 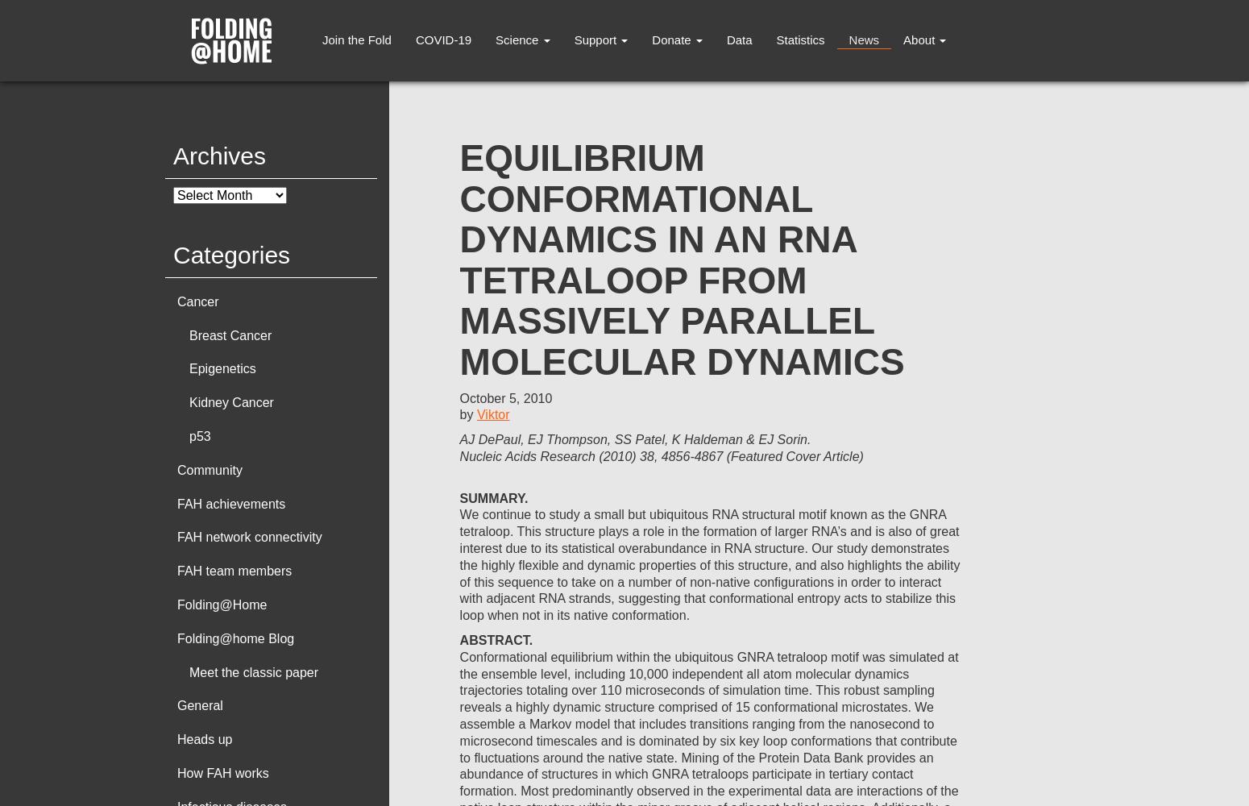 What do you see at coordinates (222, 368) in the screenshot?
I see `'Epigenetics'` at bounding box center [222, 368].